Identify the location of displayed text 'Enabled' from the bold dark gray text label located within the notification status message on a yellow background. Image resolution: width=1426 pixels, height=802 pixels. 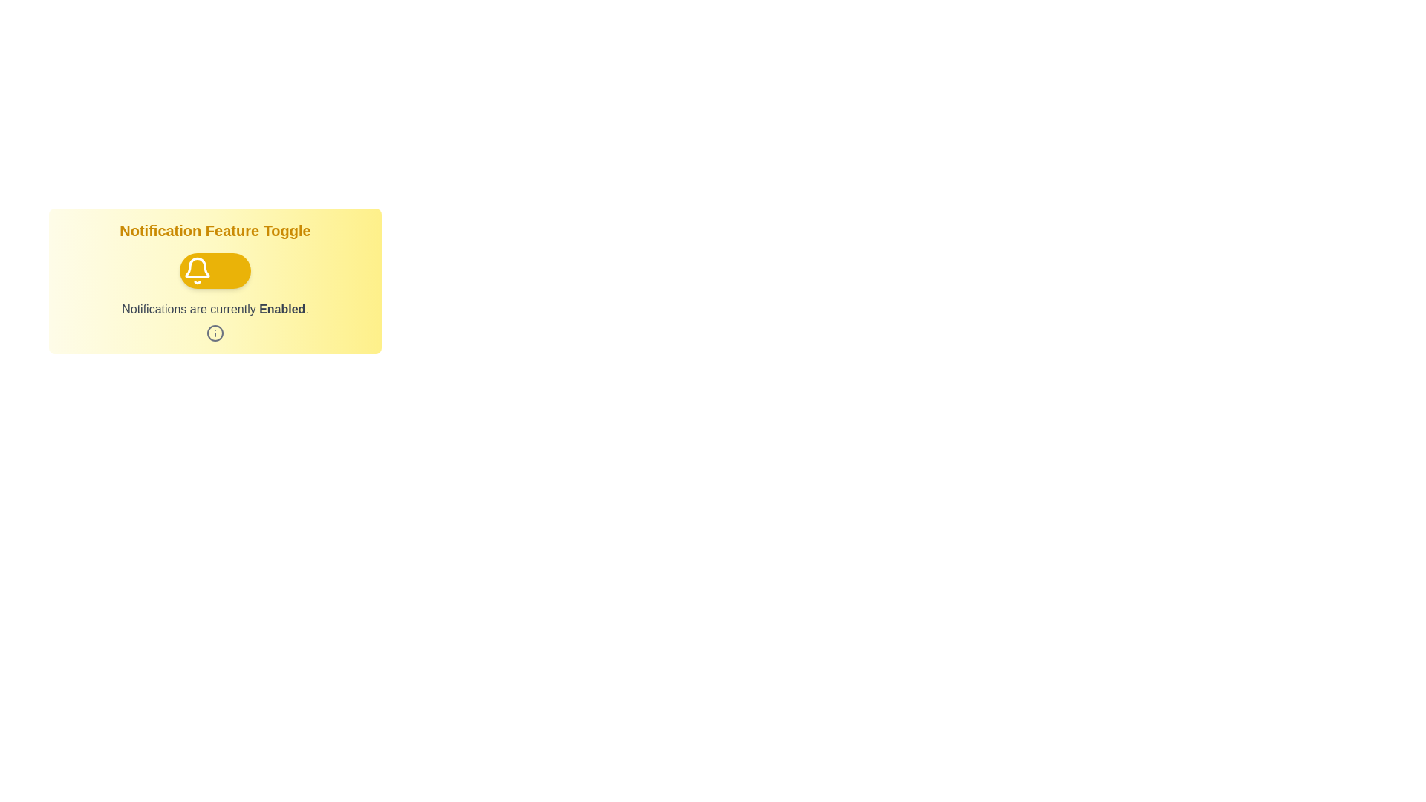
(282, 308).